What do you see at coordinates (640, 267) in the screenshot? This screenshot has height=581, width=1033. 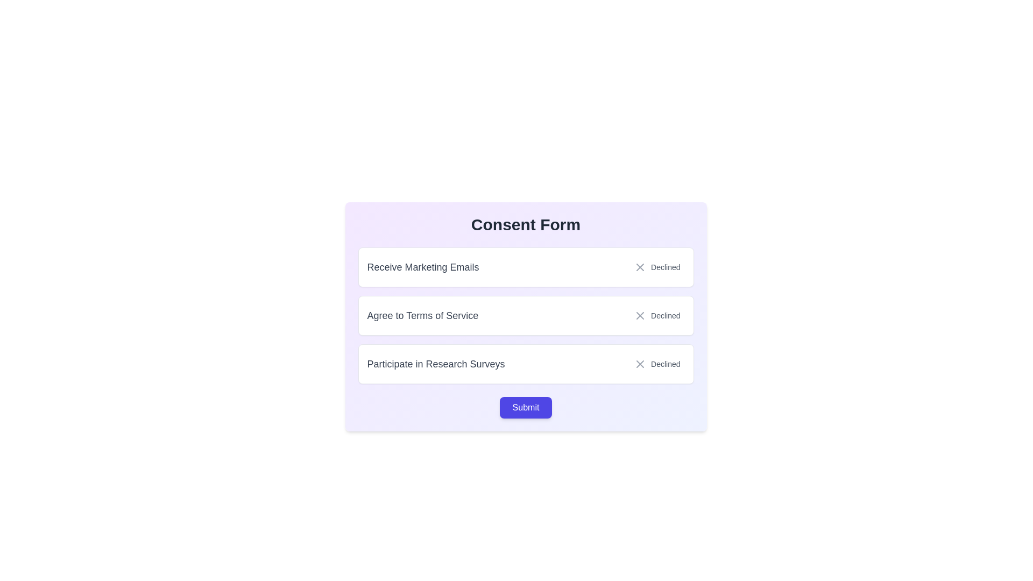 I see `the visual state of the close or decline icon component, which is represented by an 'X' shape and located in the second row of the consent form, to the right of the 'Agree to Terms of Service' line` at bounding box center [640, 267].